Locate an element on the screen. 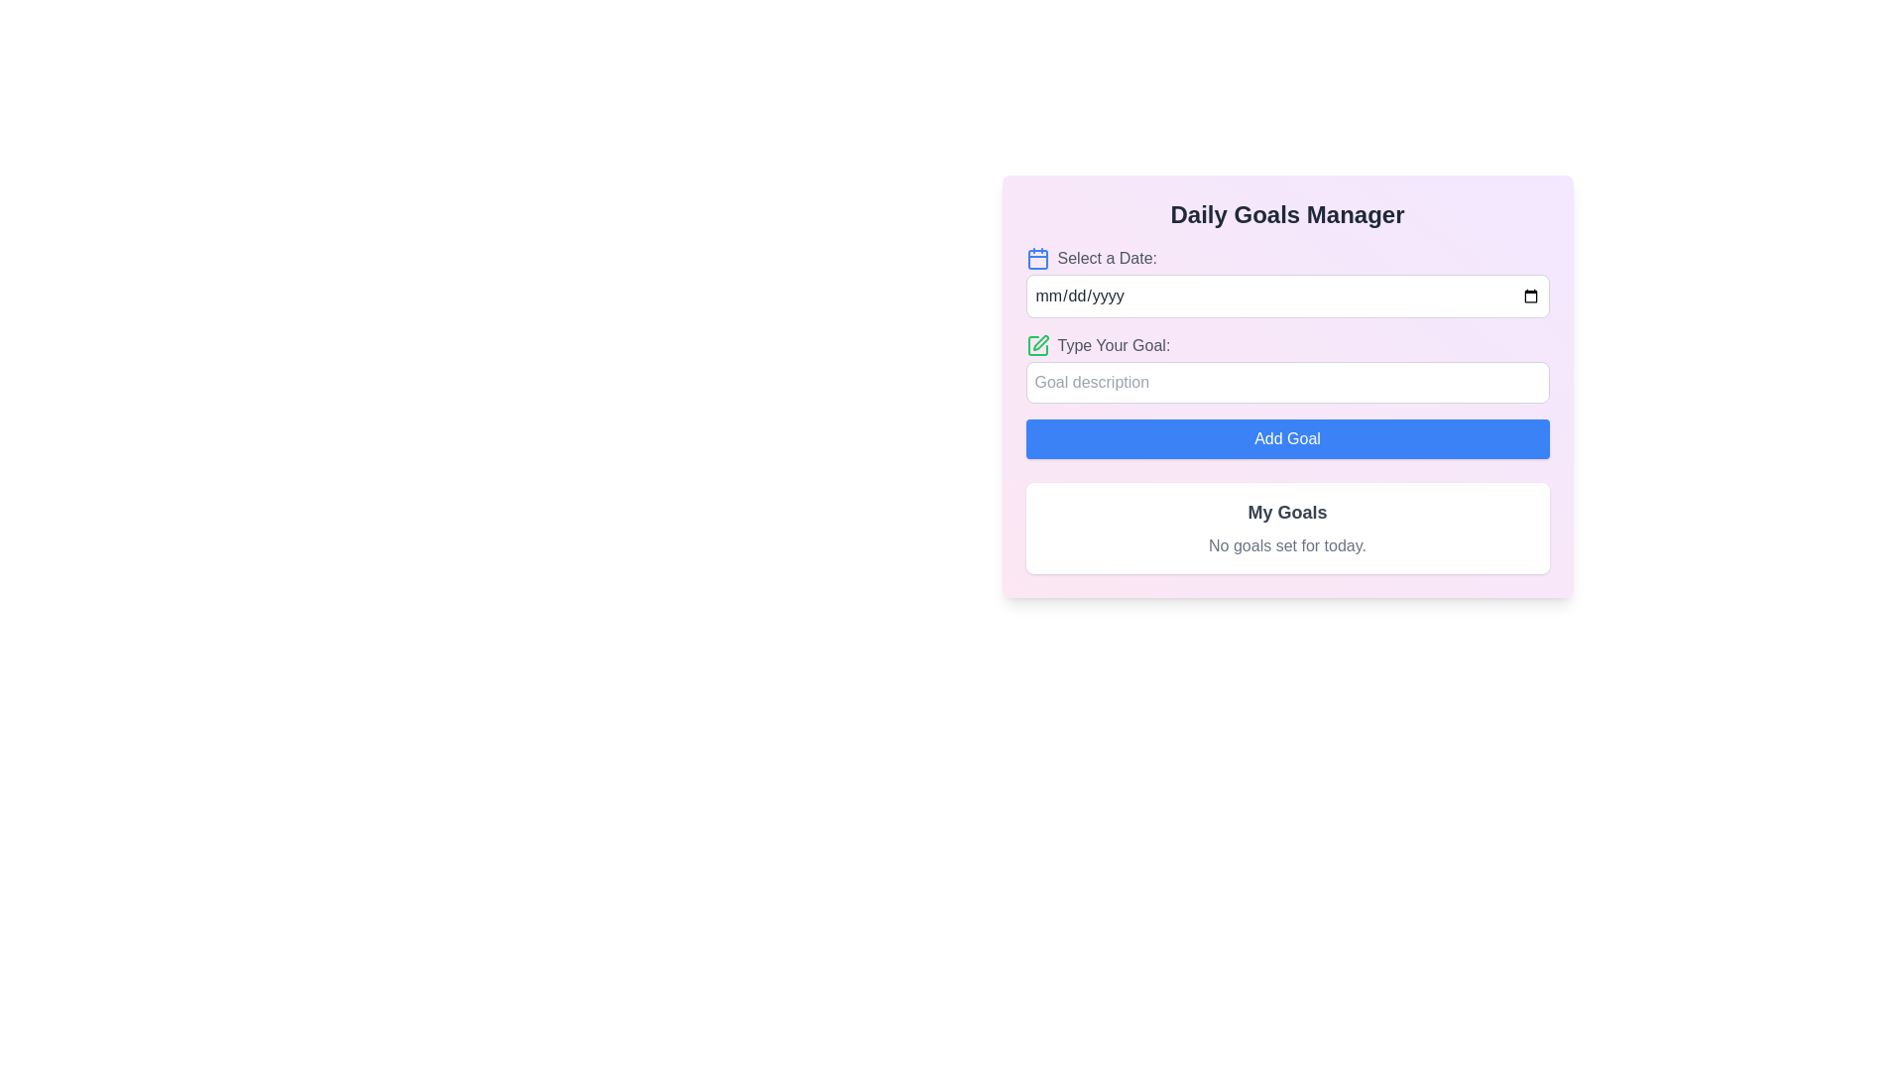 This screenshot has height=1071, width=1904. the text label displaying 'Daily Goals Manager', which is prominently positioned at the top of the card-like interface is located at coordinates (1287, 214).